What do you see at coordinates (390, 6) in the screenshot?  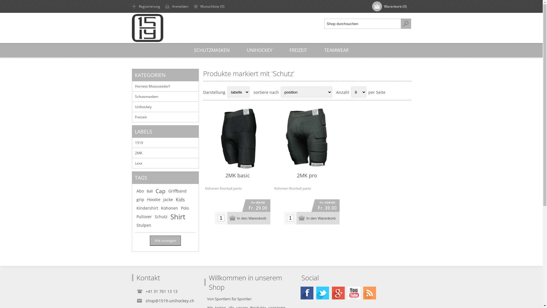 I see `'Warenkorb (0)'` at bounding box center [390, 6].